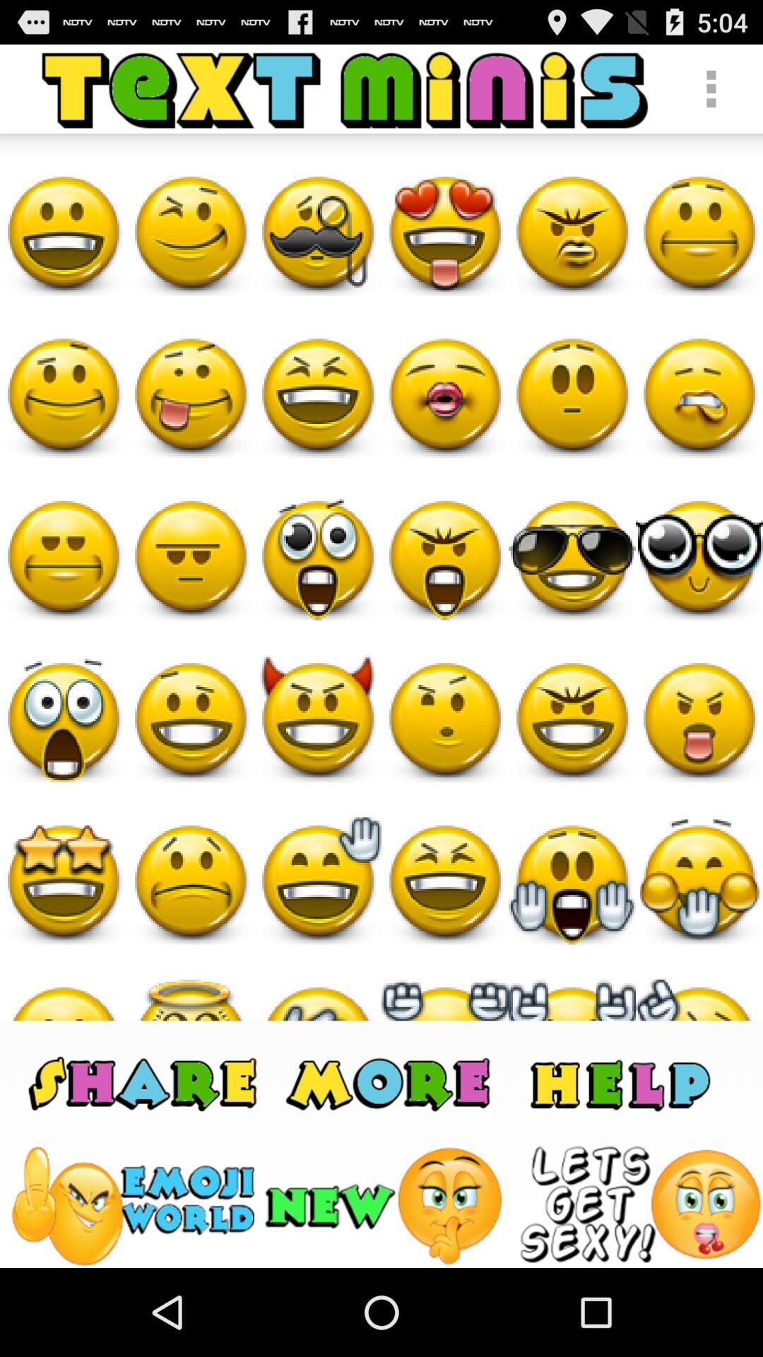 The image size is (763, 1357). I want to click on get a question answered, so click(619, 1081).